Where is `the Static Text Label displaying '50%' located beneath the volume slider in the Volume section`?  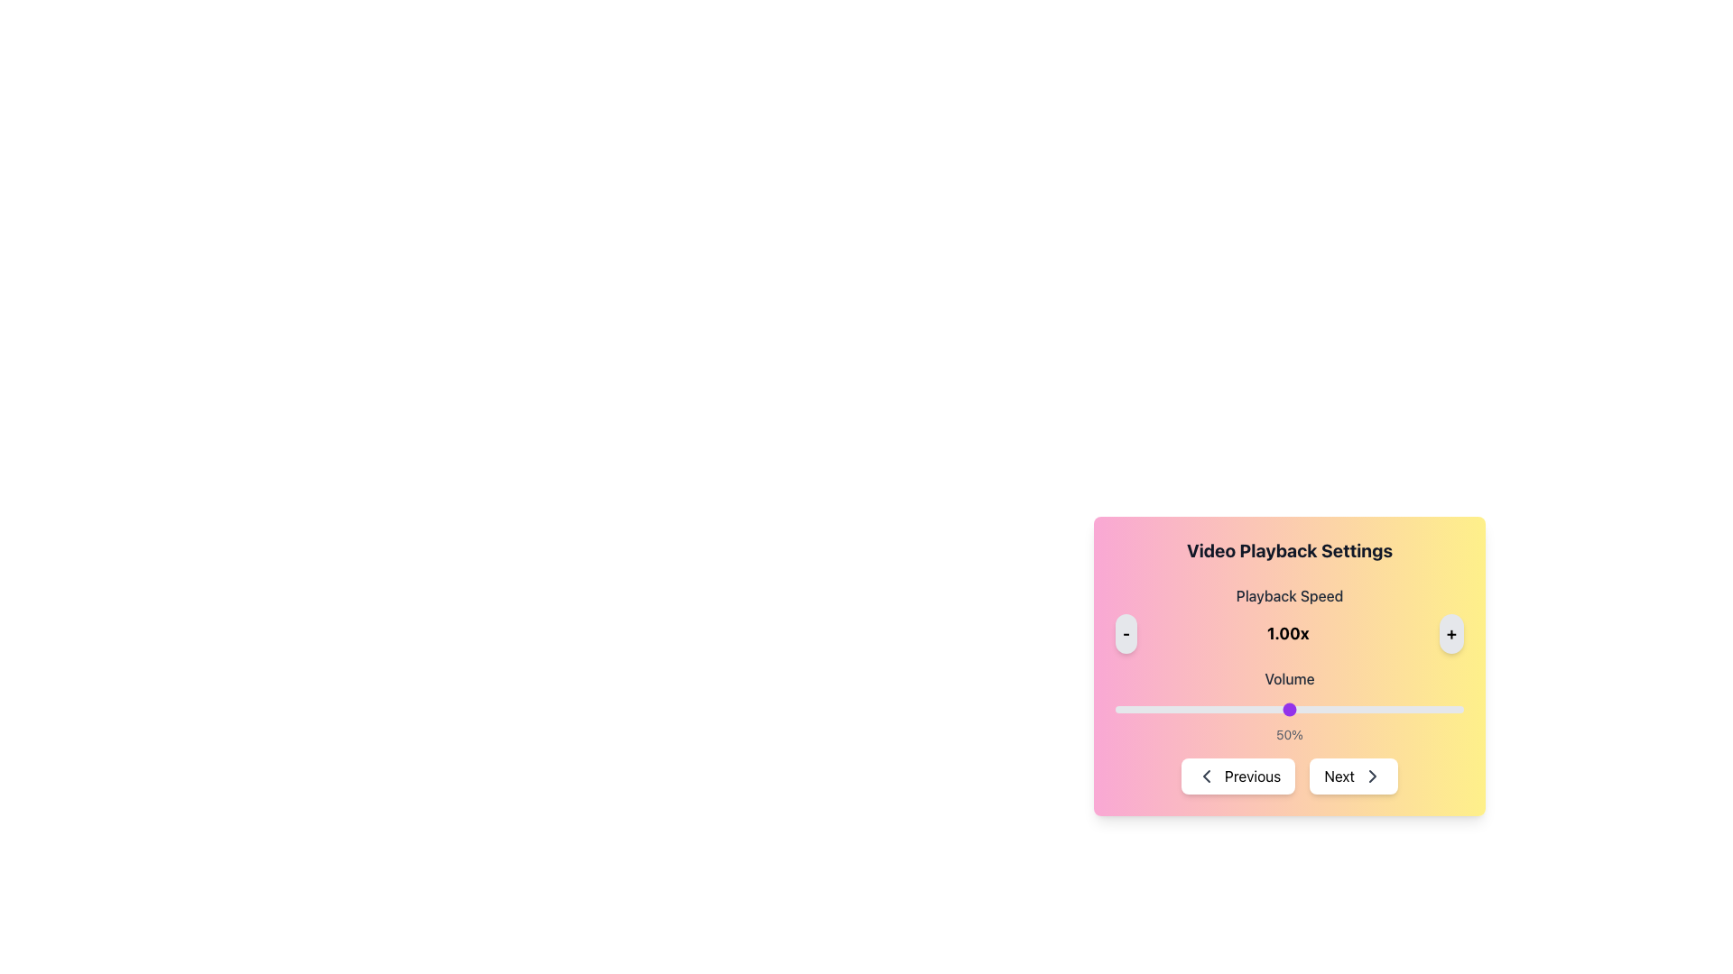 the Static Text Label displaying '50%' located beneath the volume slider in the Volume section is located at coordinates (1289, 734).